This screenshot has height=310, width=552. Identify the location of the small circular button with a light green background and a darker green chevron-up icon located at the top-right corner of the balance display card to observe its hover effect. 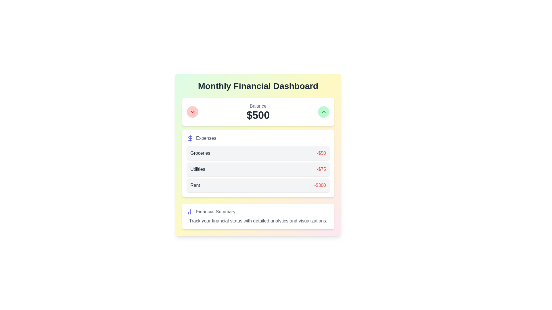
(323, 112).